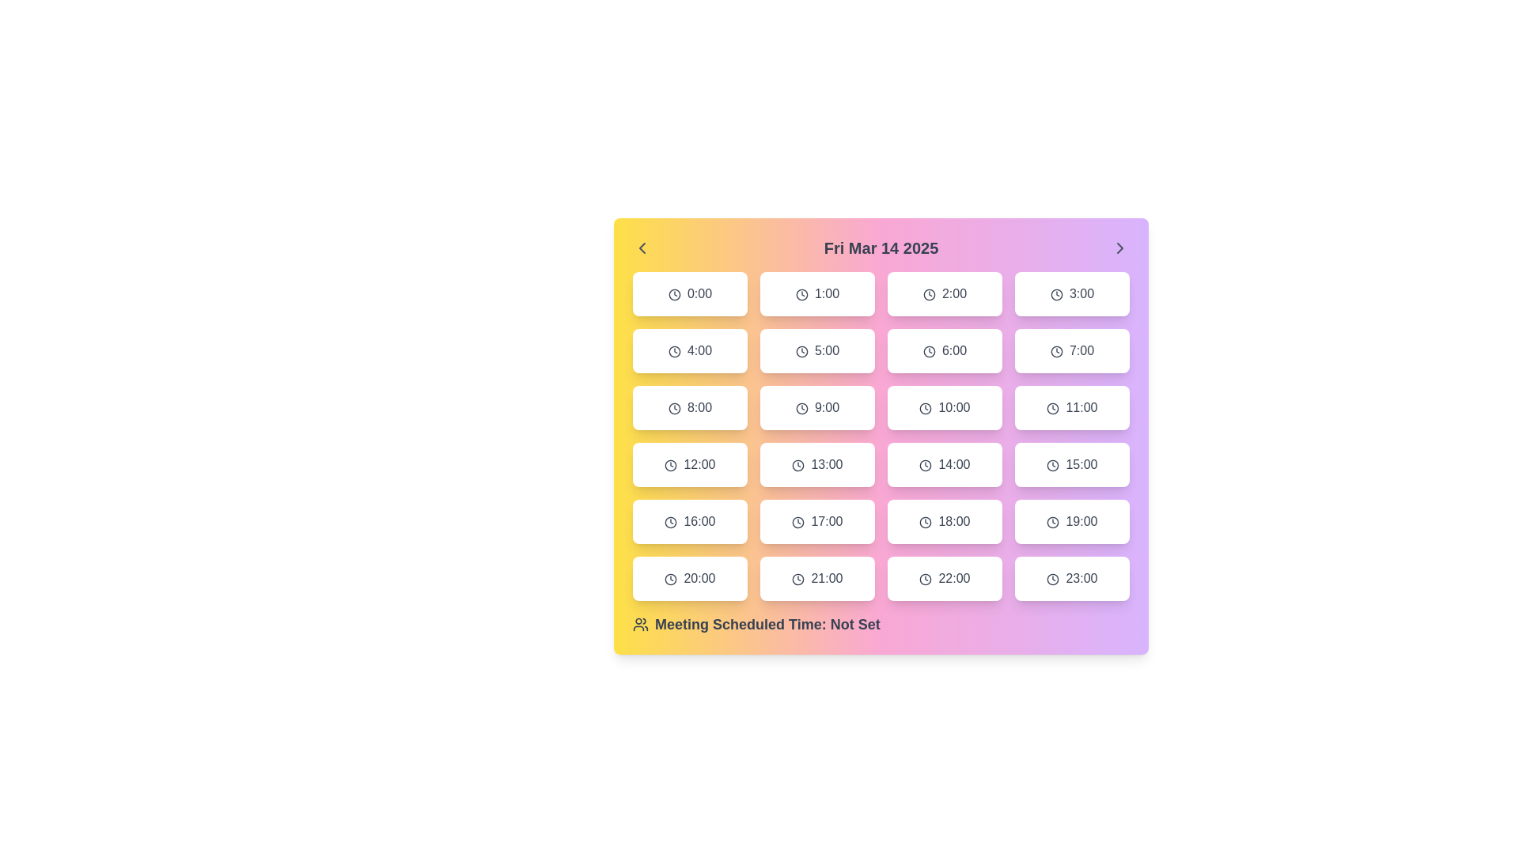 This screenshot has width=1519, height=854. I want to click on the circular SVG component of the clock icon associated with the time label '9:00', which is located in the second row, third column of the grid layout, so click(801, 407).